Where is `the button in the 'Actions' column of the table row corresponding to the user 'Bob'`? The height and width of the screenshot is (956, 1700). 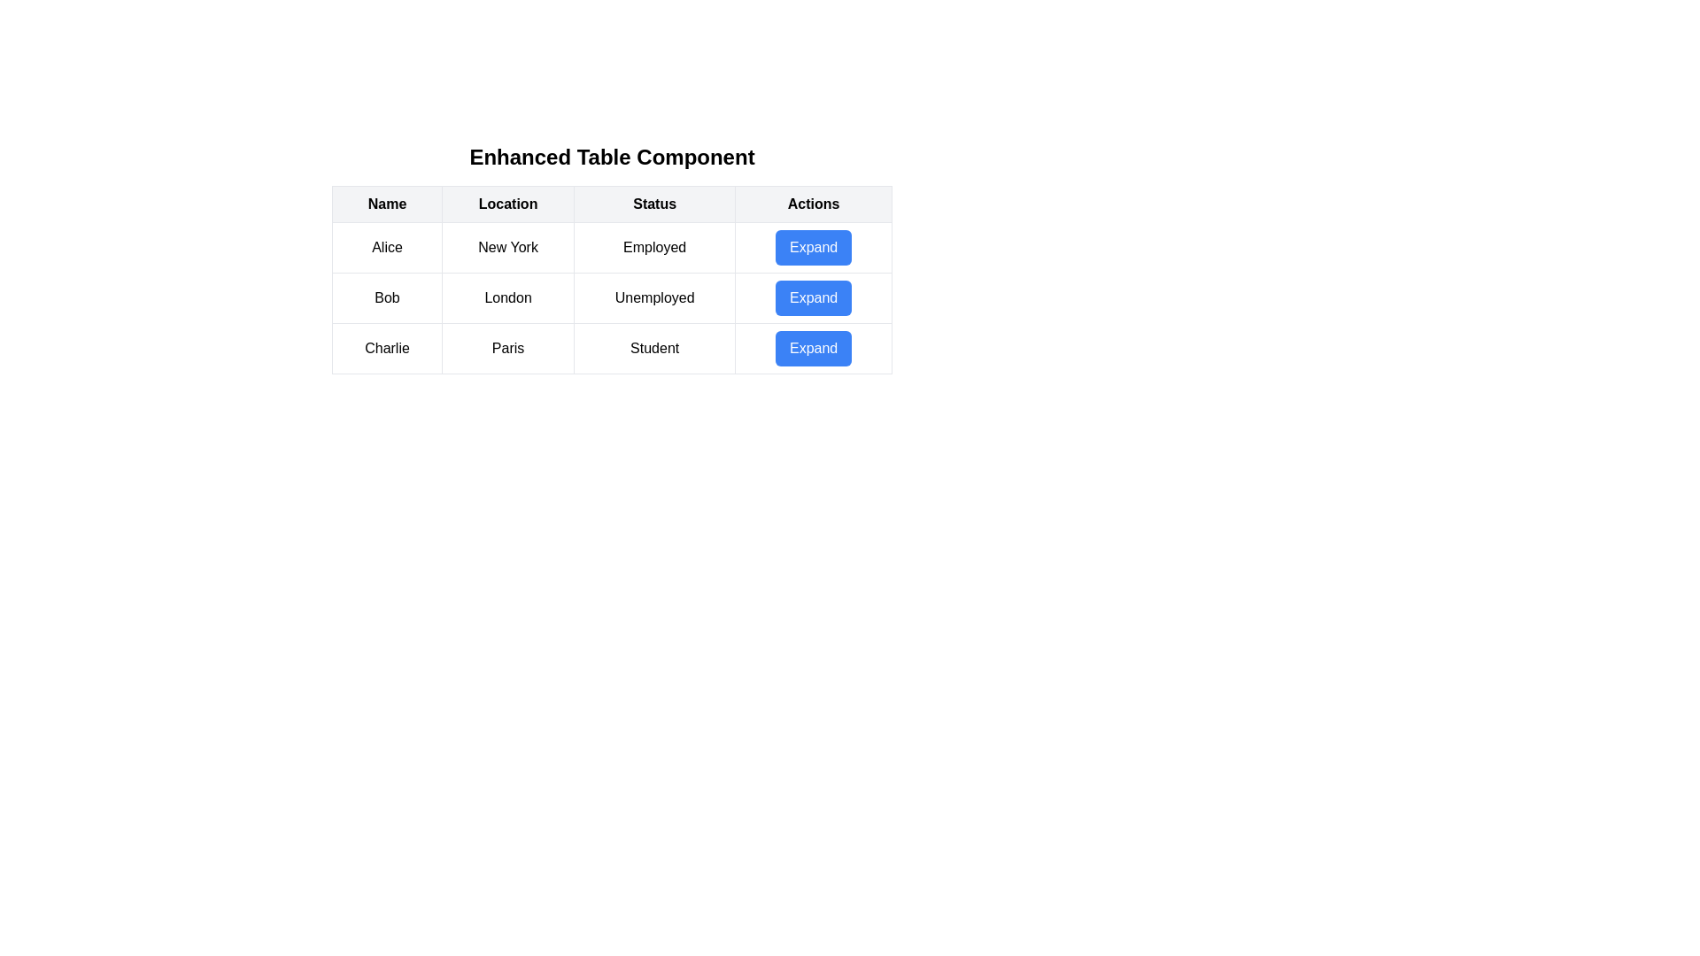
the button in the 'Actions' column of the table row corresponding to the user 'Bob' is located at coordinates (813, 297).